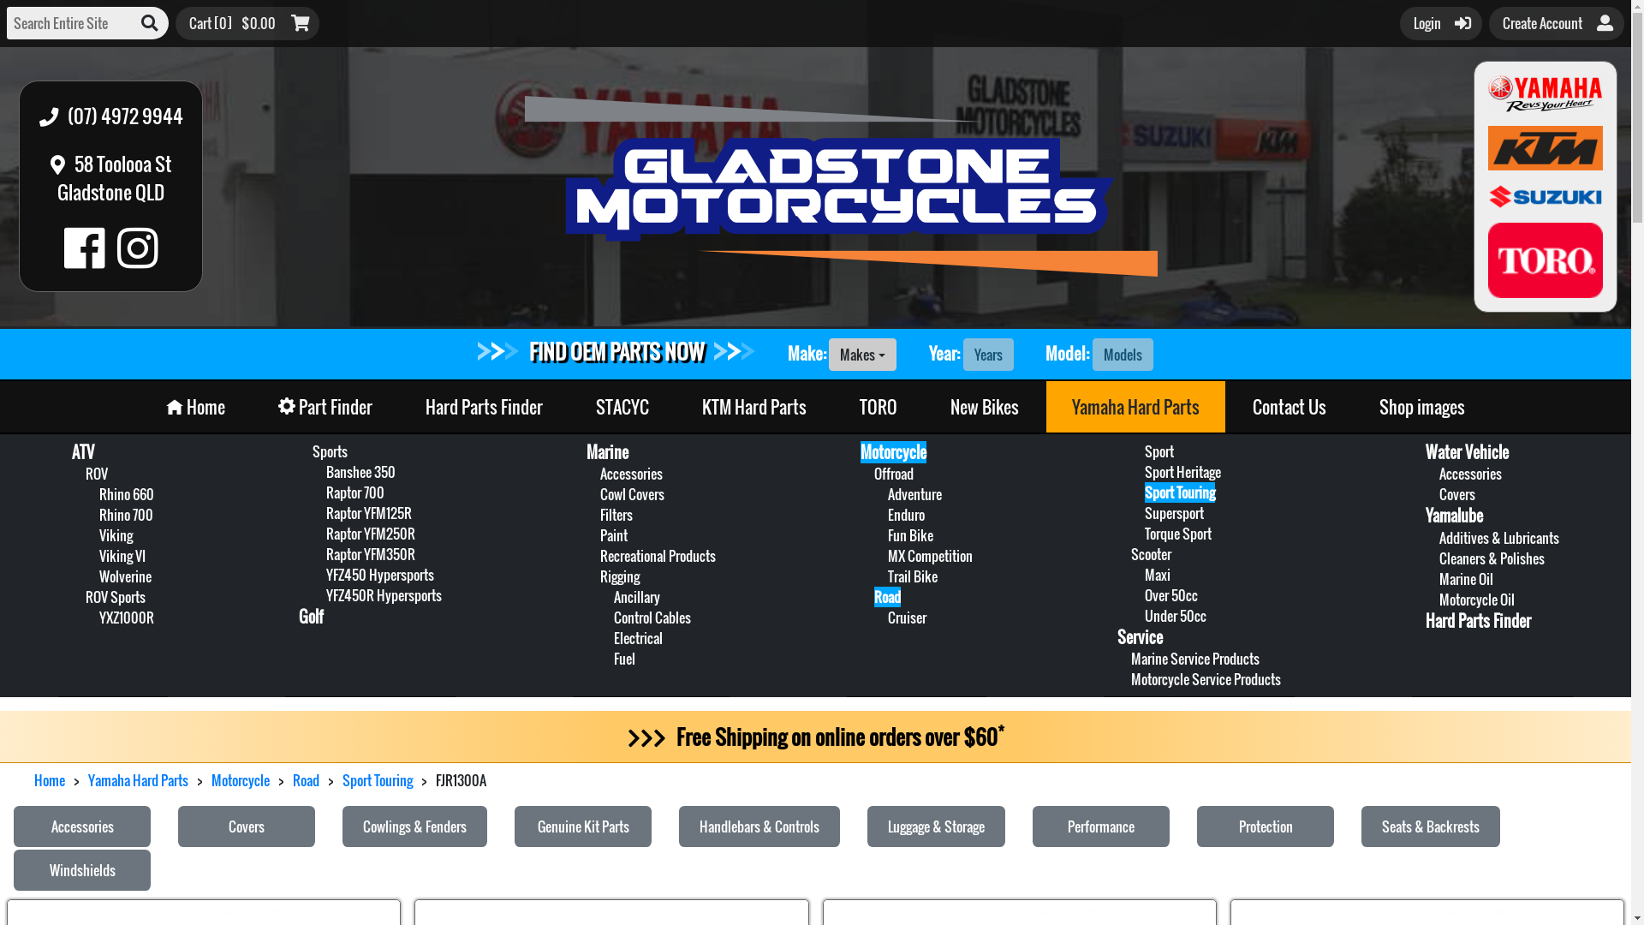  I want to click on 'Maxi', so click(1158, 575).